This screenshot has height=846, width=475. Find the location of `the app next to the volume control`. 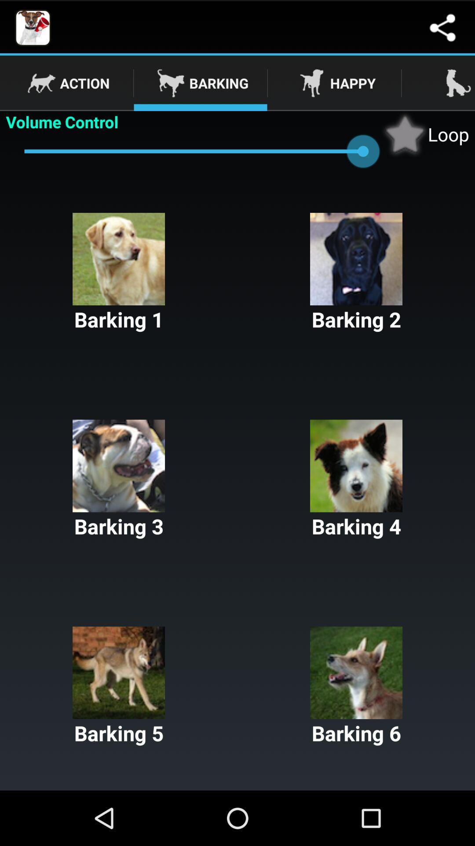

the app next to the volume control is located at coordinates (425, 134).